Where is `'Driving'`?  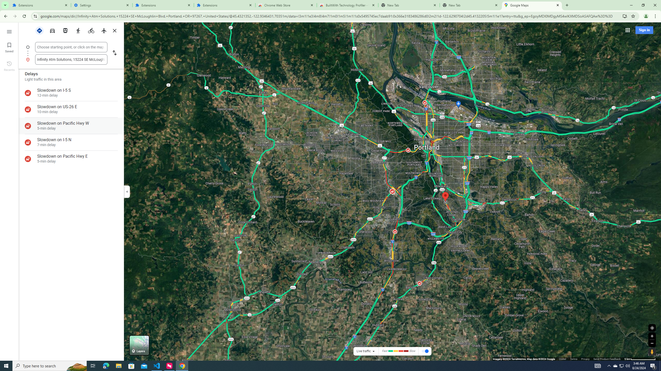 'Driving' is located at coordinates (52, 30).